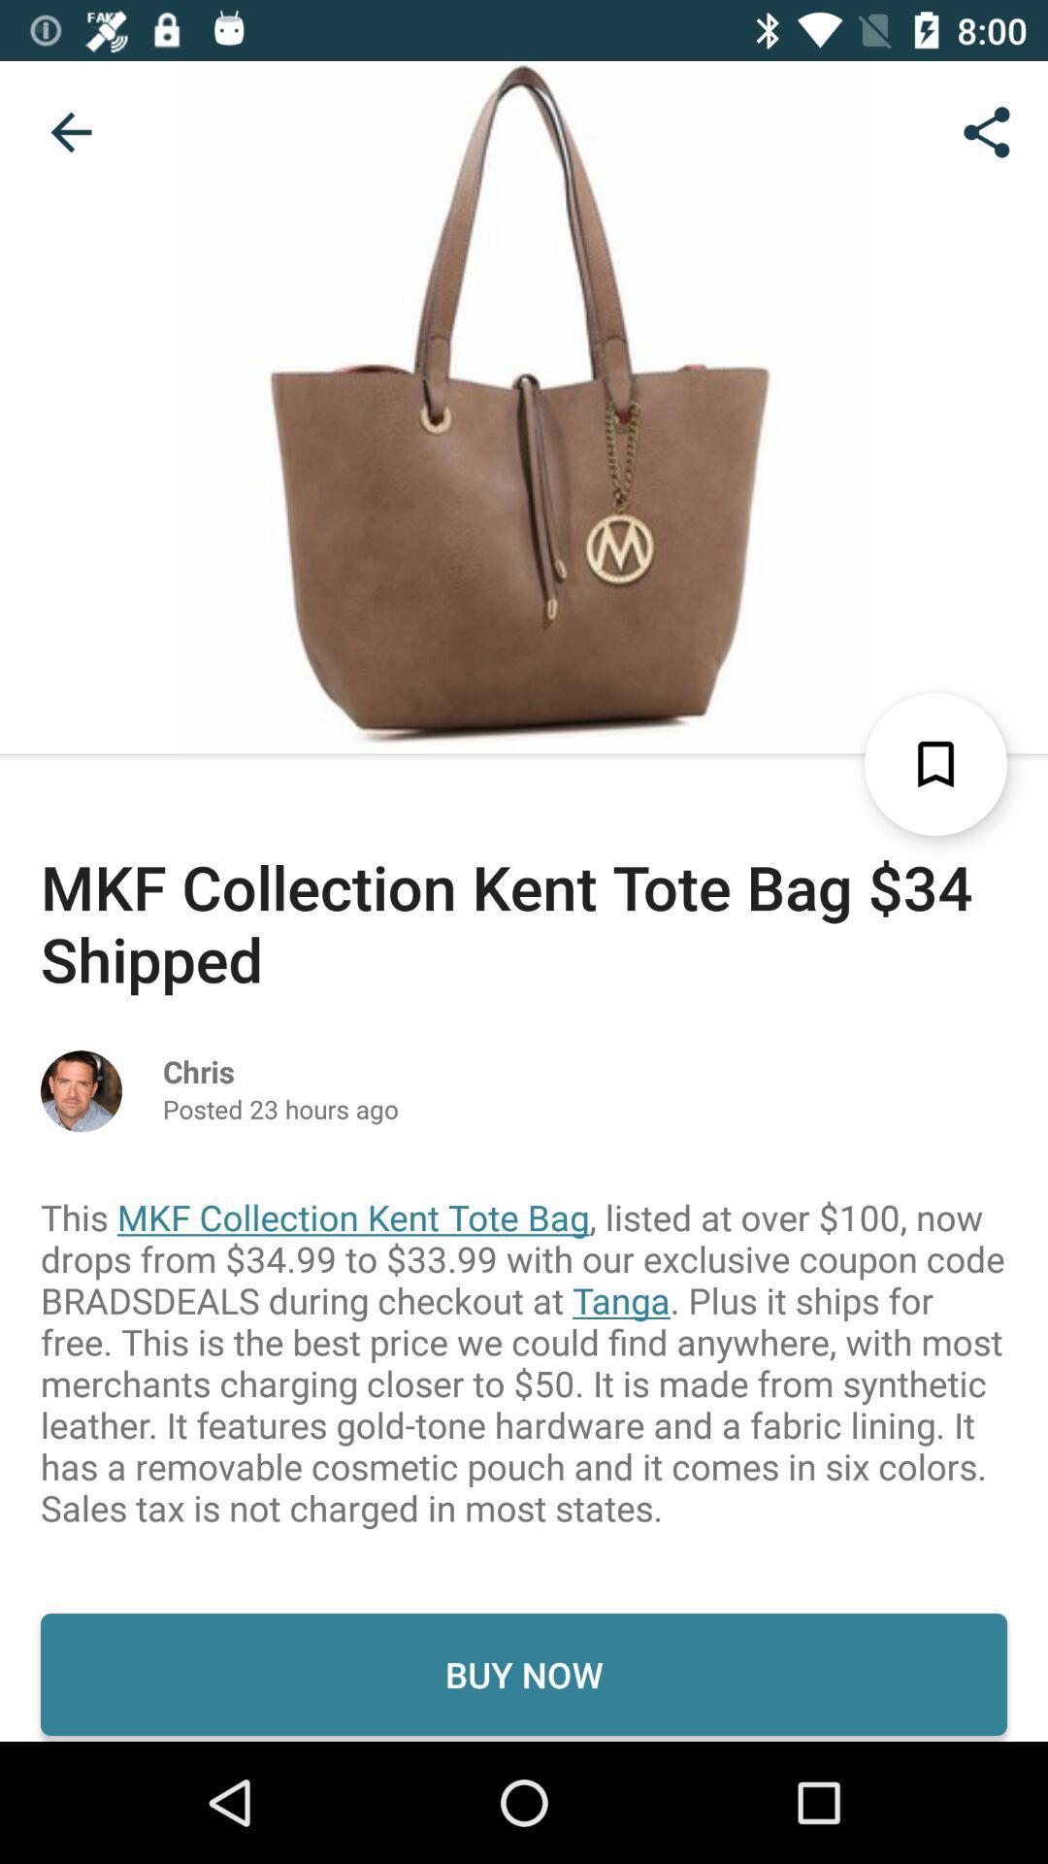  Describe the element at coordinates (987, 131) in the screenshot. I see `icon at the top right corner` at that location.